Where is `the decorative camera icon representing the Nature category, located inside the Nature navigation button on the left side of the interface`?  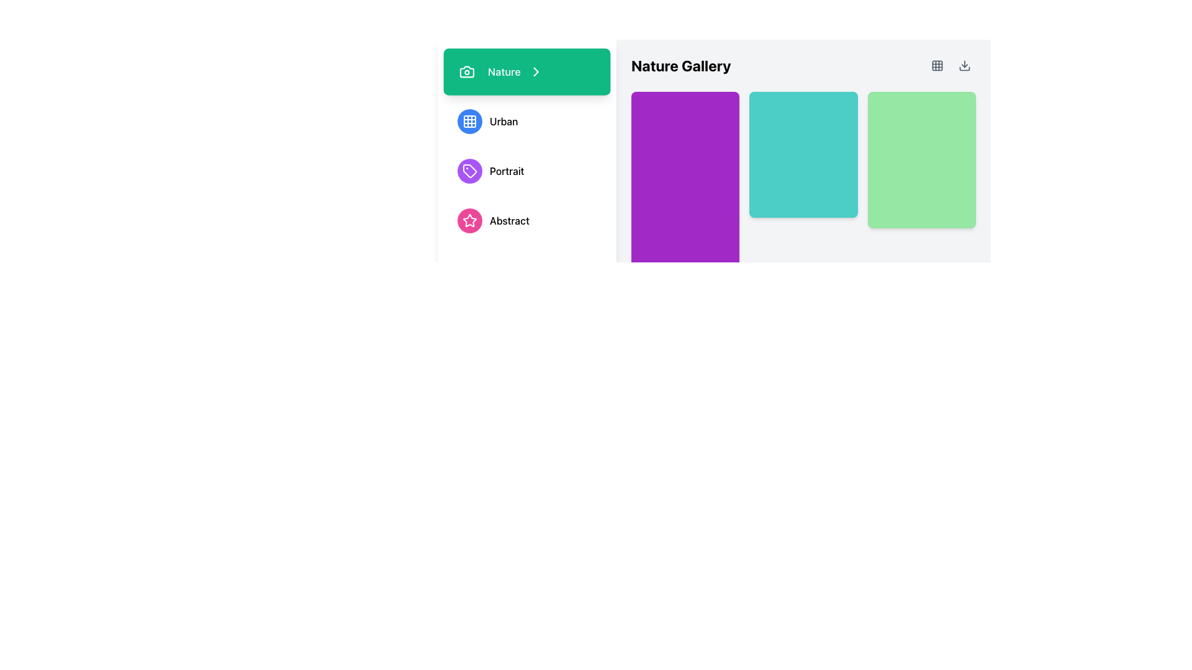
the decorative camera icon representing the Nature category, located inside the Nature navigation button on the left side of the interface is located at coordinates (466, 71).